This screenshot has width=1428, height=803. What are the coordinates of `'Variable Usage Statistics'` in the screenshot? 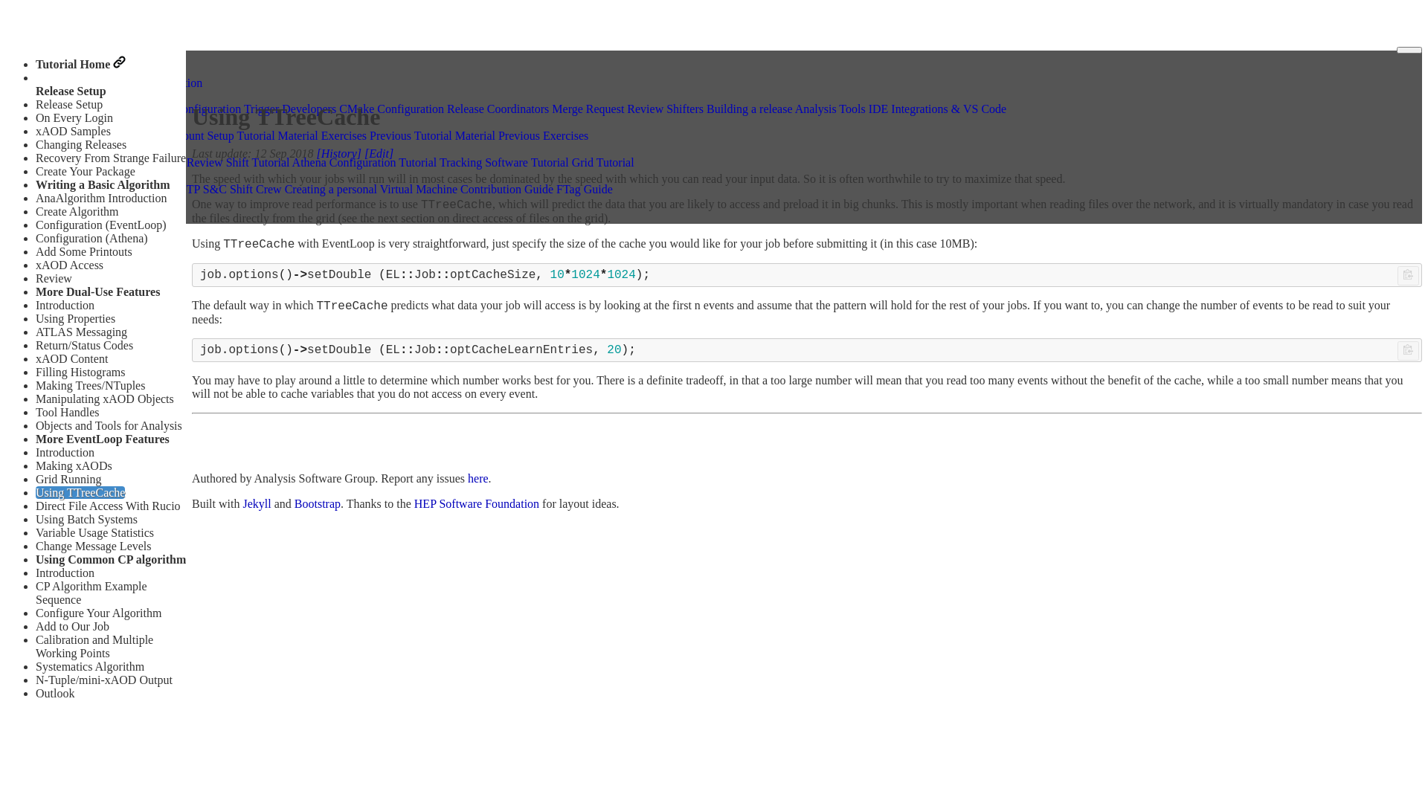 It's located at (94, 532).